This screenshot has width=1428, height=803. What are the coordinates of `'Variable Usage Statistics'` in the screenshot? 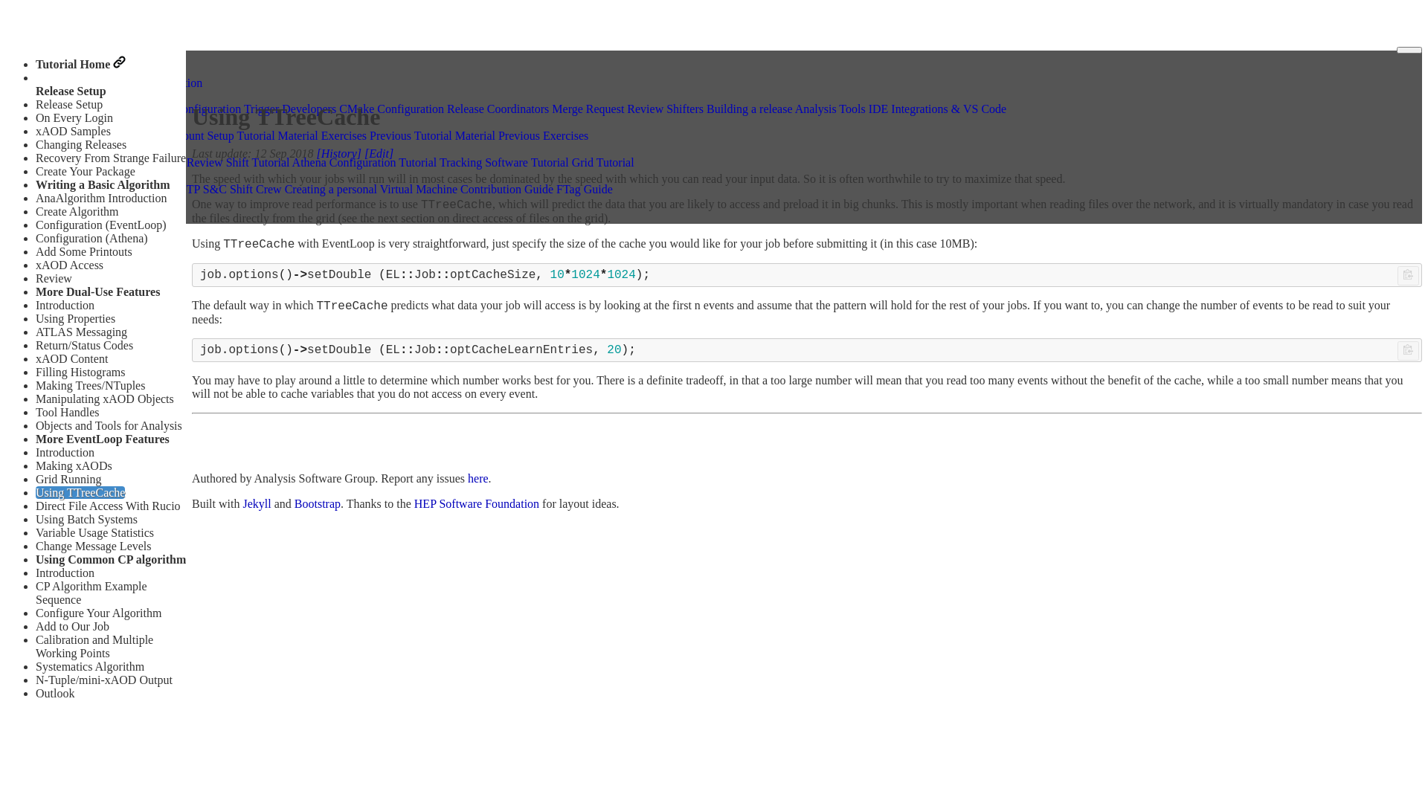 It's located at (94, 532).